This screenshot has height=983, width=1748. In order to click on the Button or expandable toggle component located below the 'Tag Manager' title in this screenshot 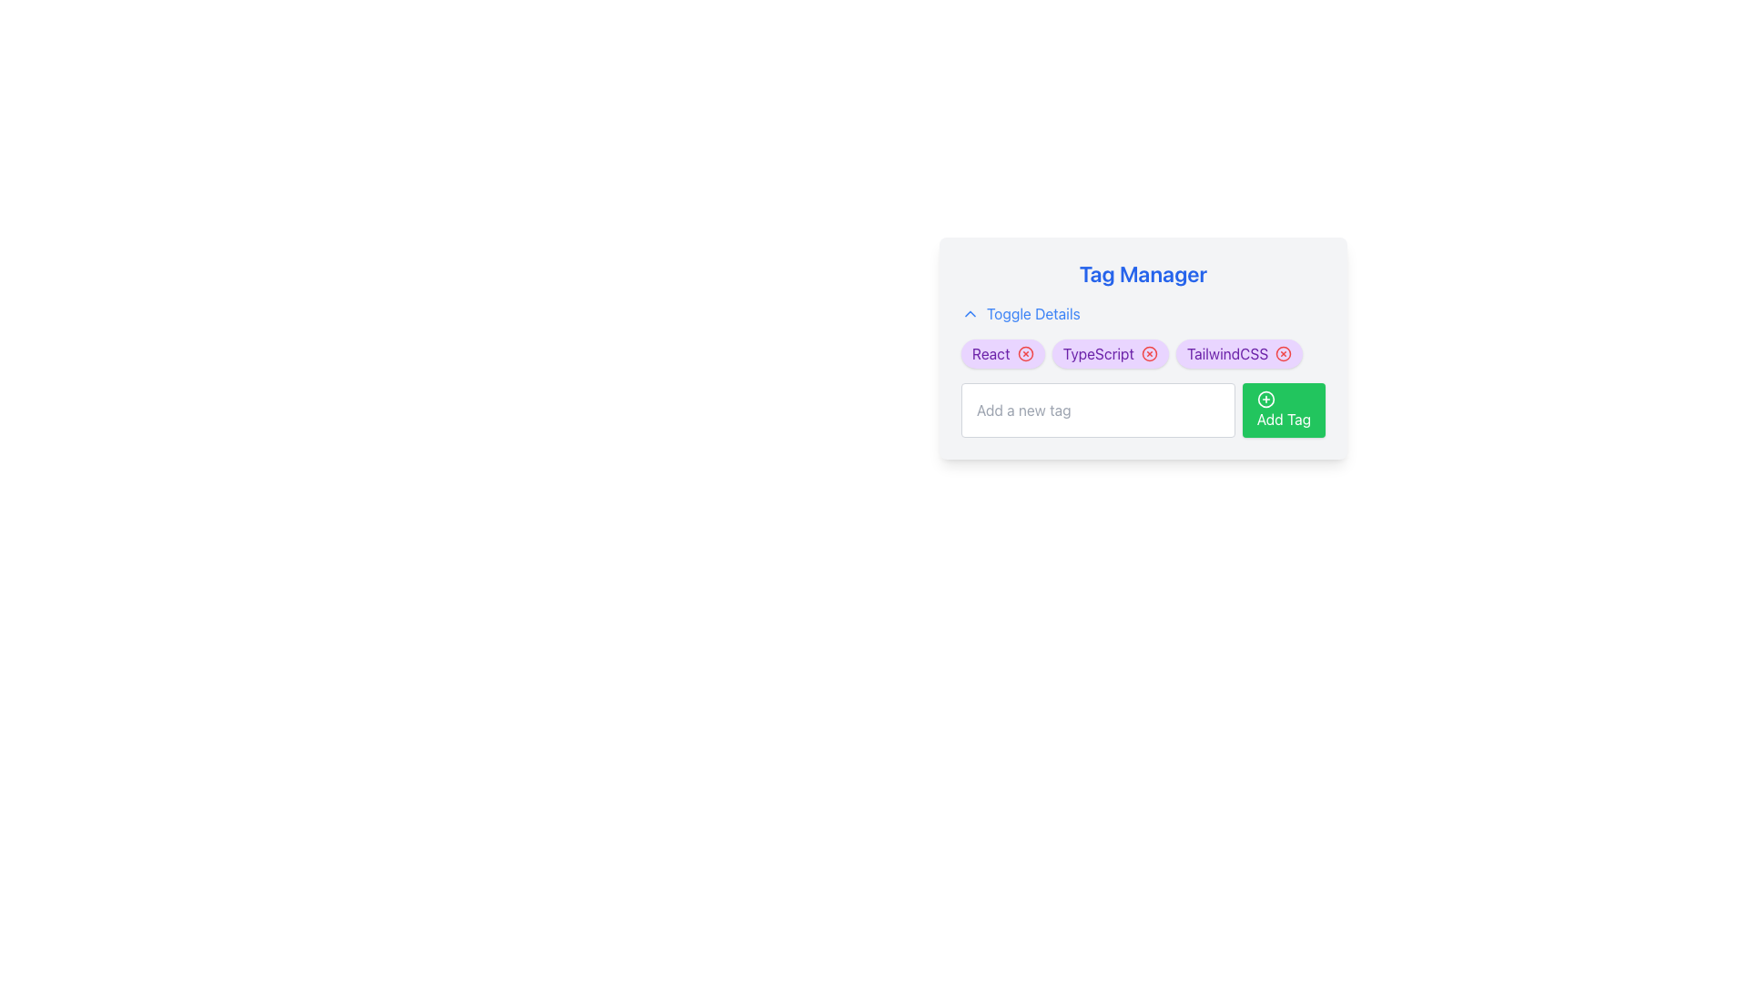, I will do `click(1021, 312)`.